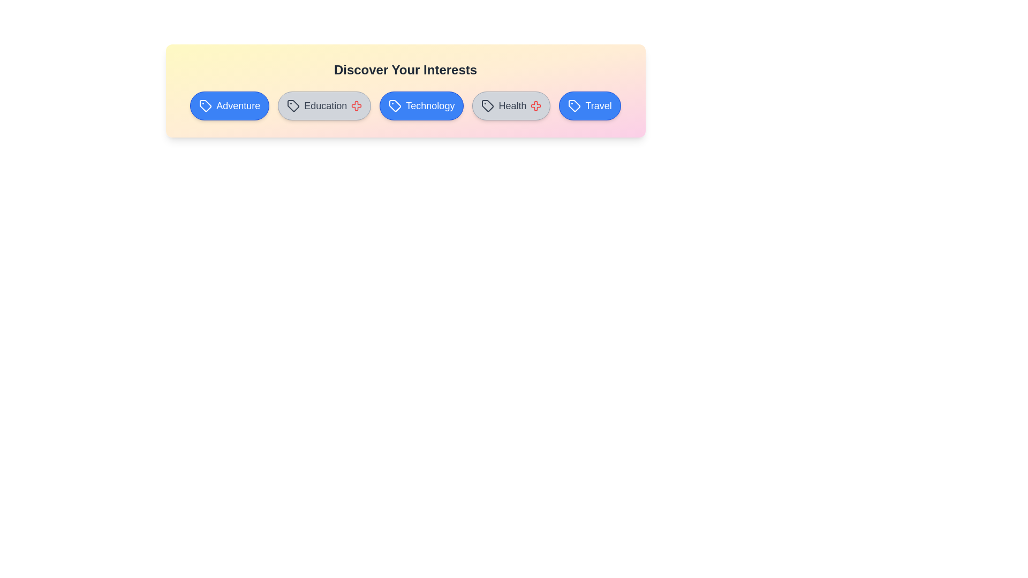  What do you see at coordinates (589, 105) in the screenshot?
I see `the tag labeled Travel to observe the hover effect` at bounding box center [589, 105].